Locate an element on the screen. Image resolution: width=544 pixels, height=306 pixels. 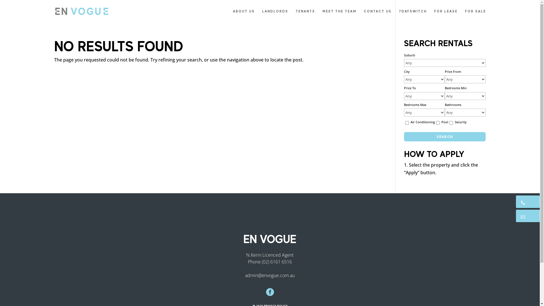
'ABOUT US' is located at coordinates (244, 16).